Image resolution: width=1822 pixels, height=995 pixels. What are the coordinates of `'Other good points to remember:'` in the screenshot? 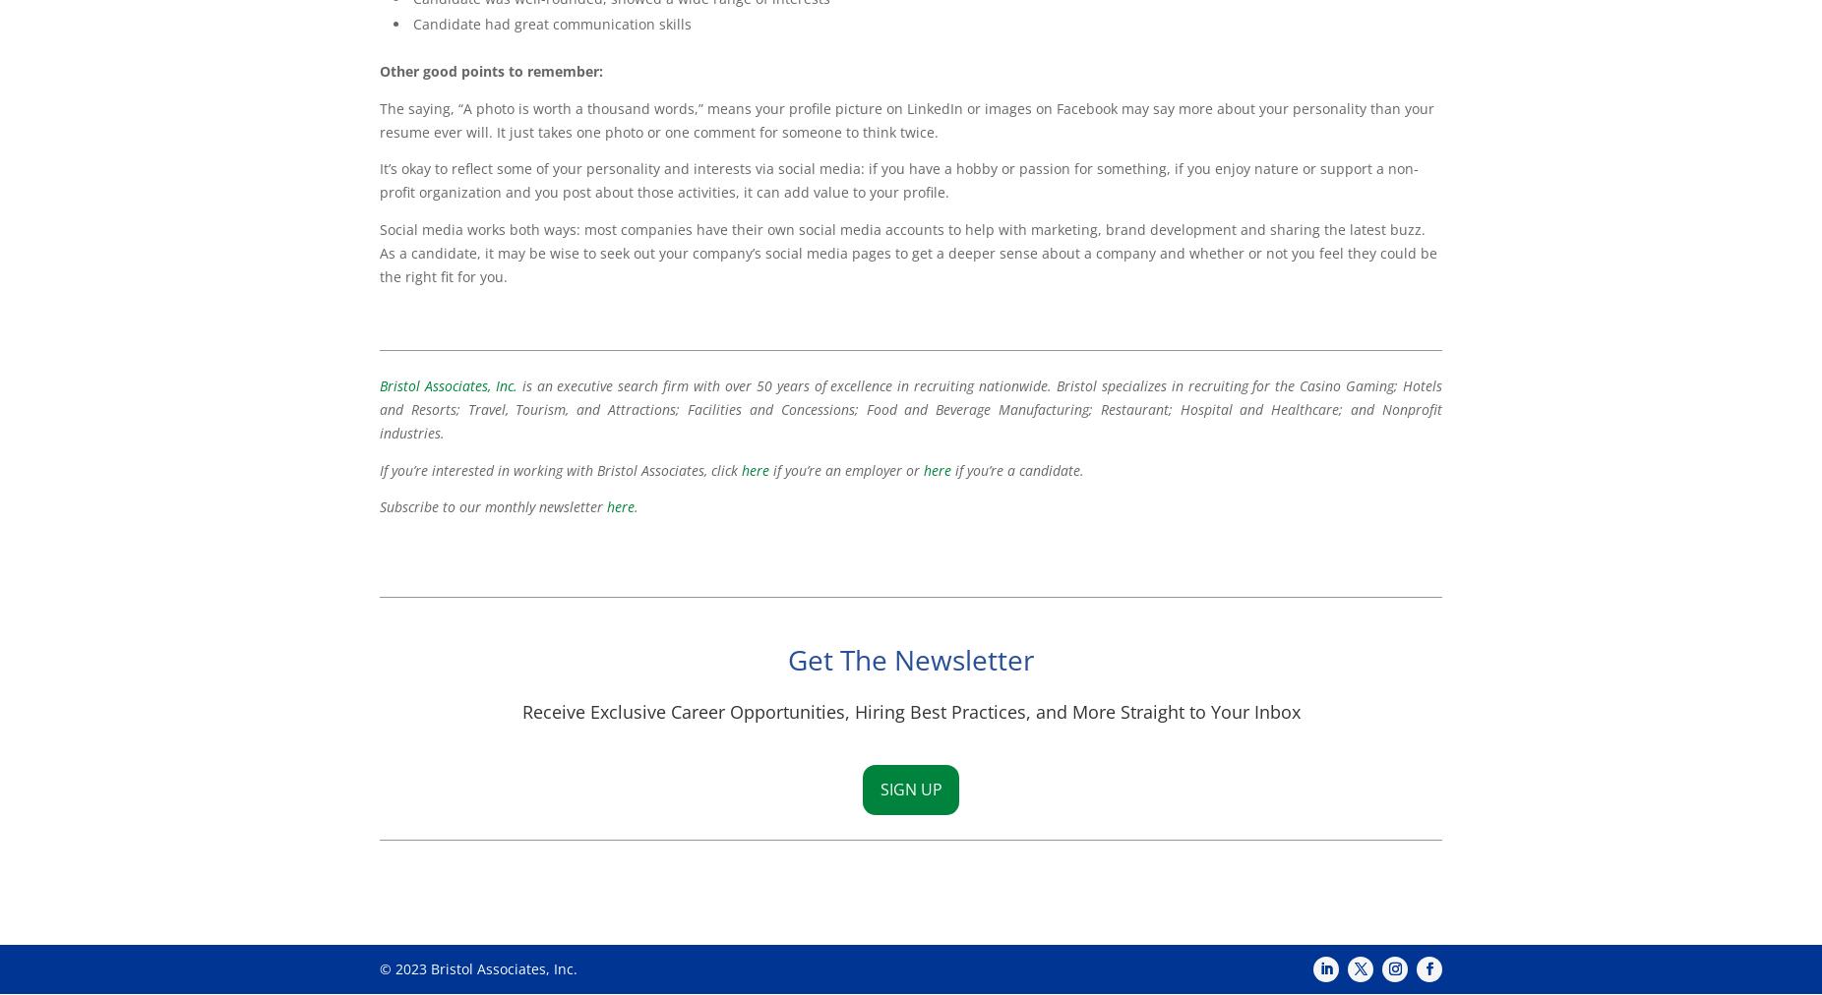 It's located at (490, 70).